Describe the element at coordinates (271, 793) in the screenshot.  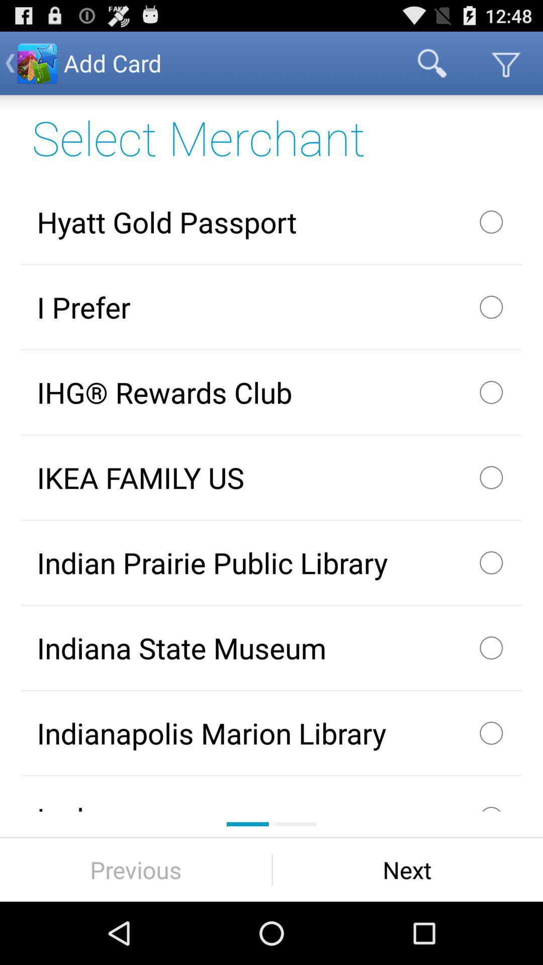
I see `ingles icon` at that location.